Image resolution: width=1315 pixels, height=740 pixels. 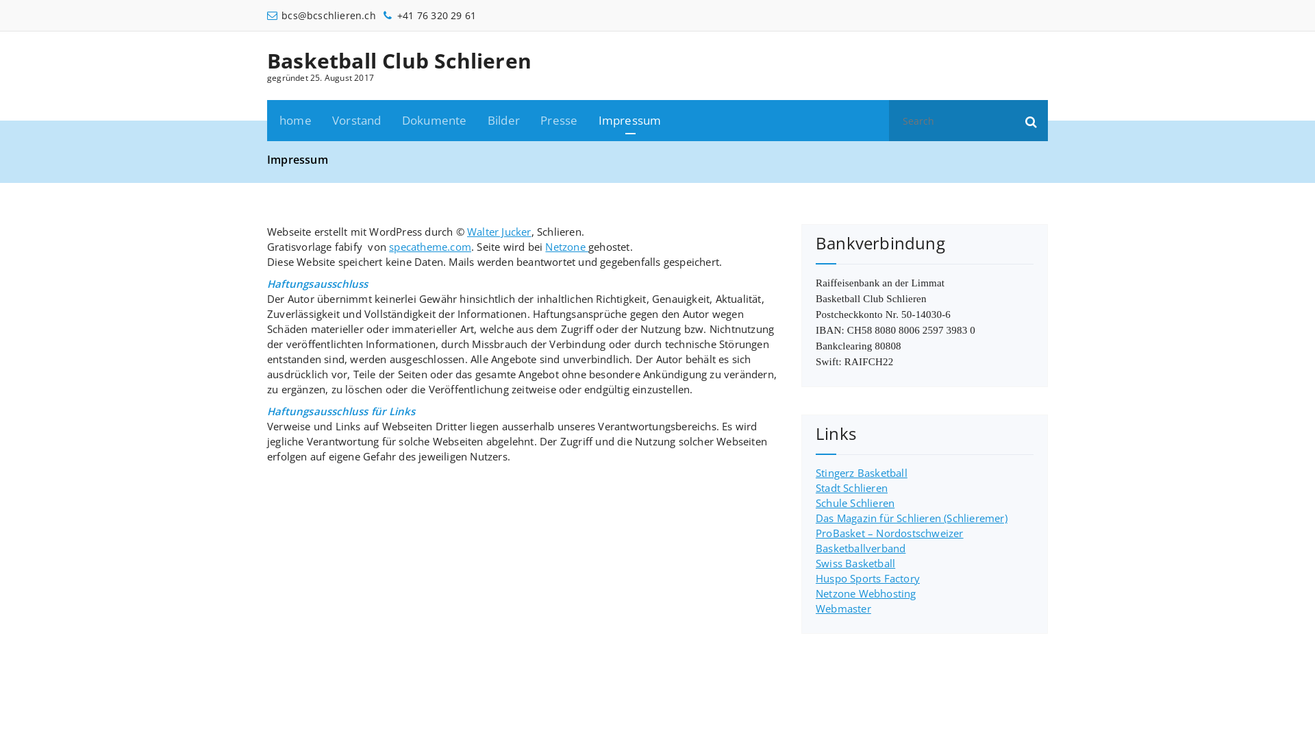 I want to click on 'Stadt Schlieren', so click(x=851, y=487).